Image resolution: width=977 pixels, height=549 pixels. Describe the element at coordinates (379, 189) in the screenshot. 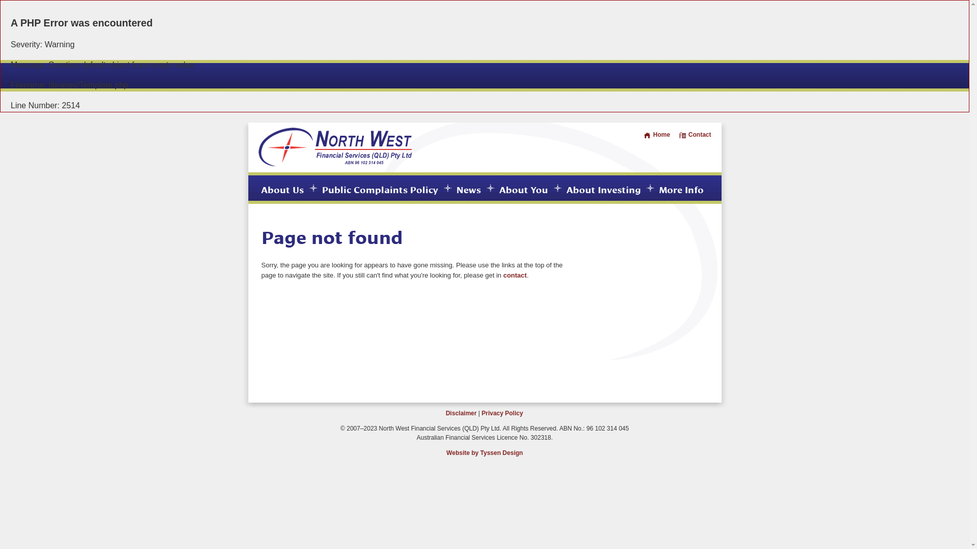

I see `'Public Complaints Policy'` at that location.